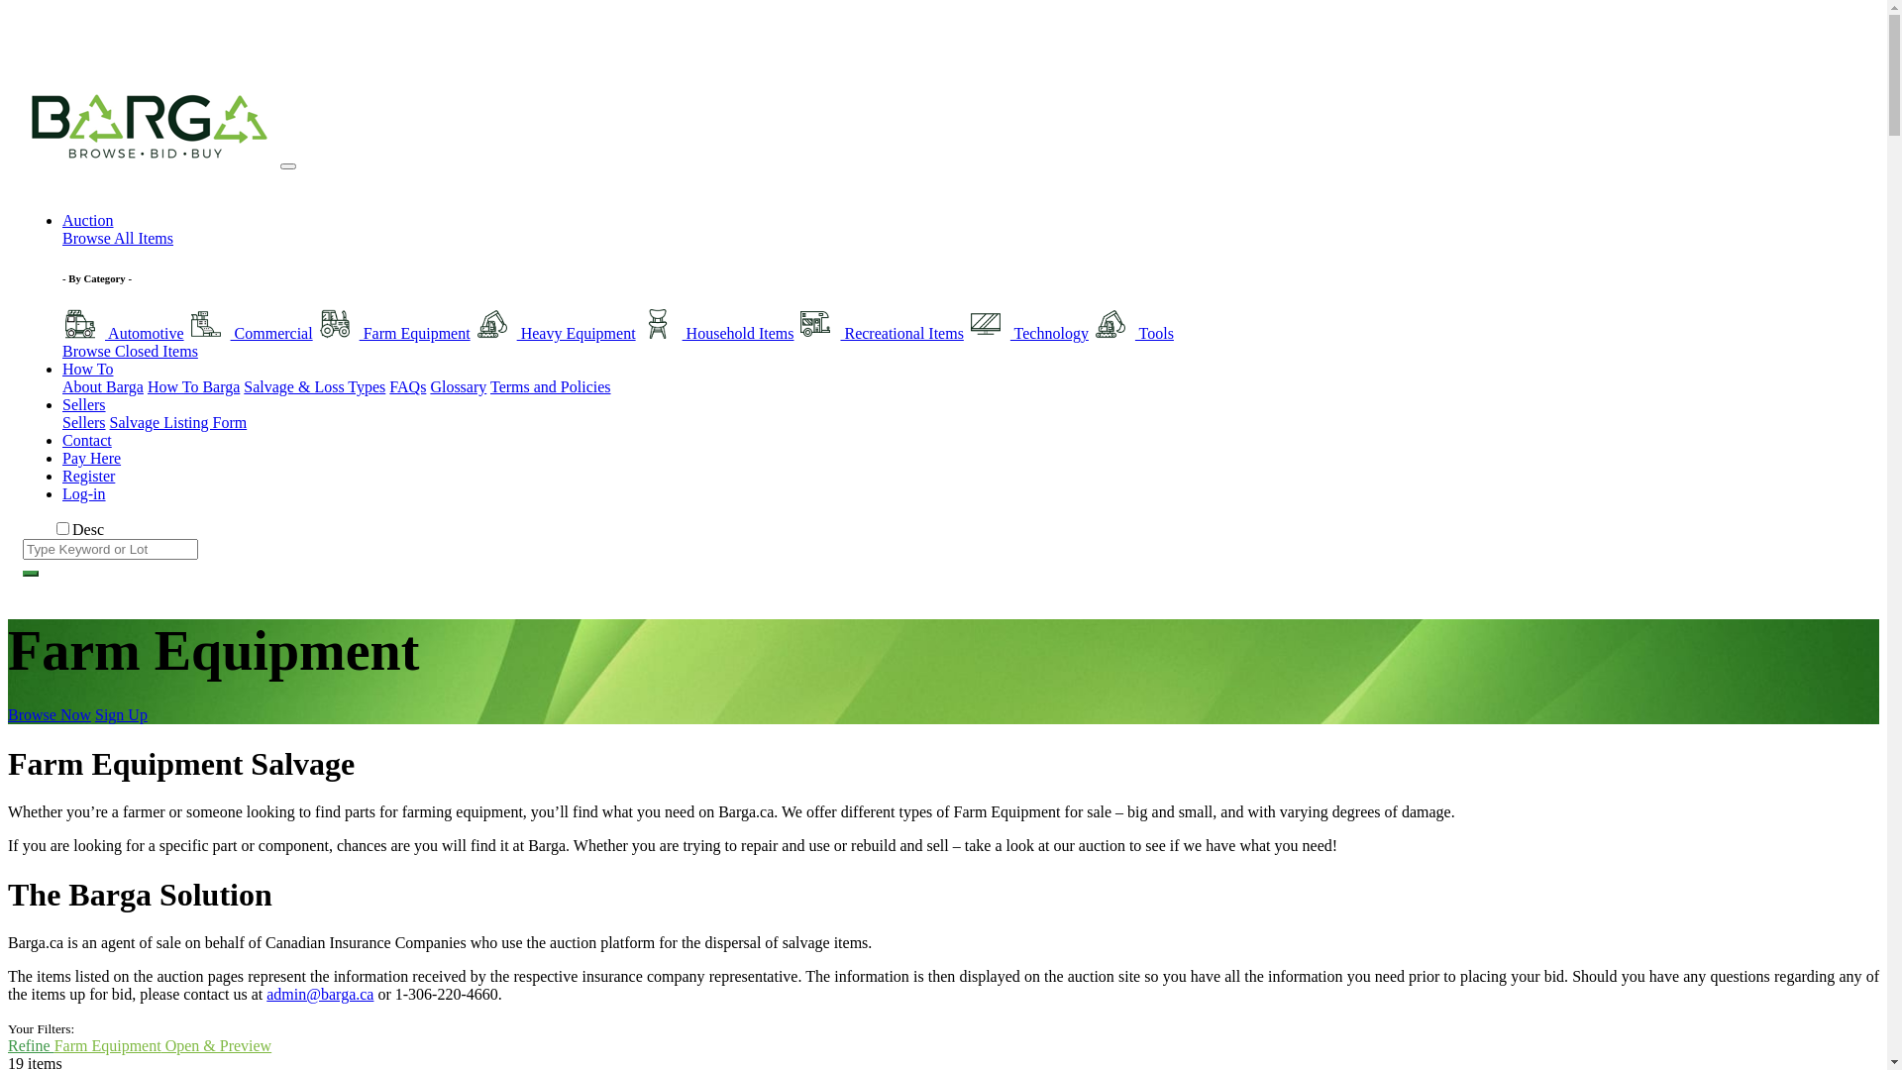  I want to click on 'Refine', so click(8, 1044).